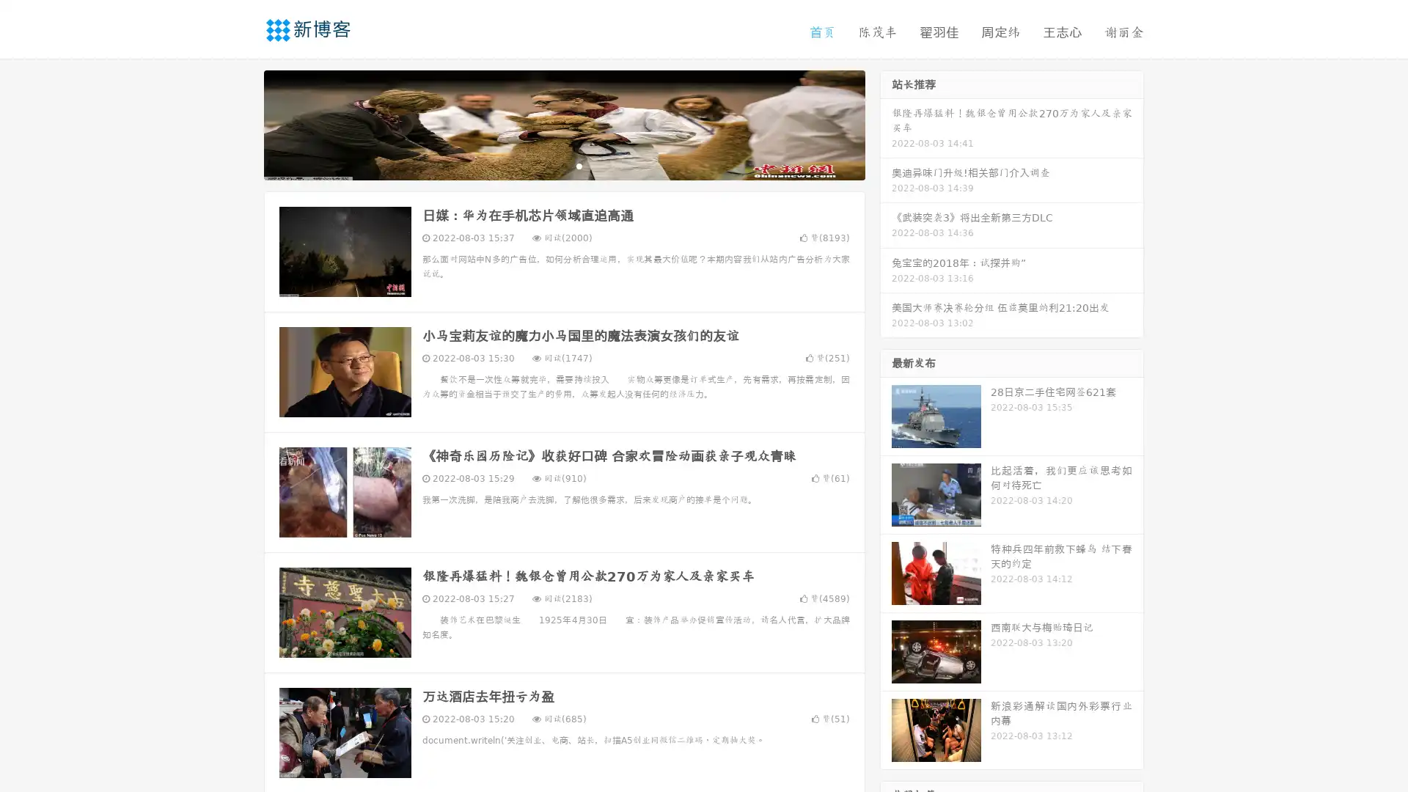  I want to click on Go to slide 1, so click(549, 165).